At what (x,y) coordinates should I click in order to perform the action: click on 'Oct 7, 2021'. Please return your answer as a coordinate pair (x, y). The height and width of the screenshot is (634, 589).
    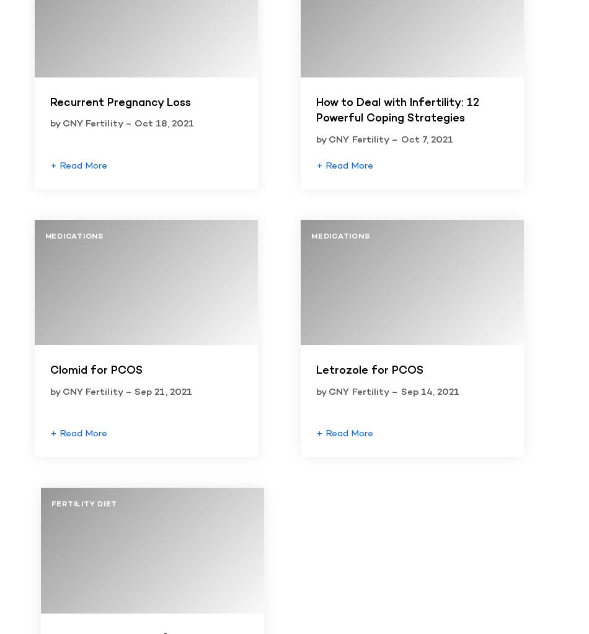
    Looking at the image, I should click on (427, 139).